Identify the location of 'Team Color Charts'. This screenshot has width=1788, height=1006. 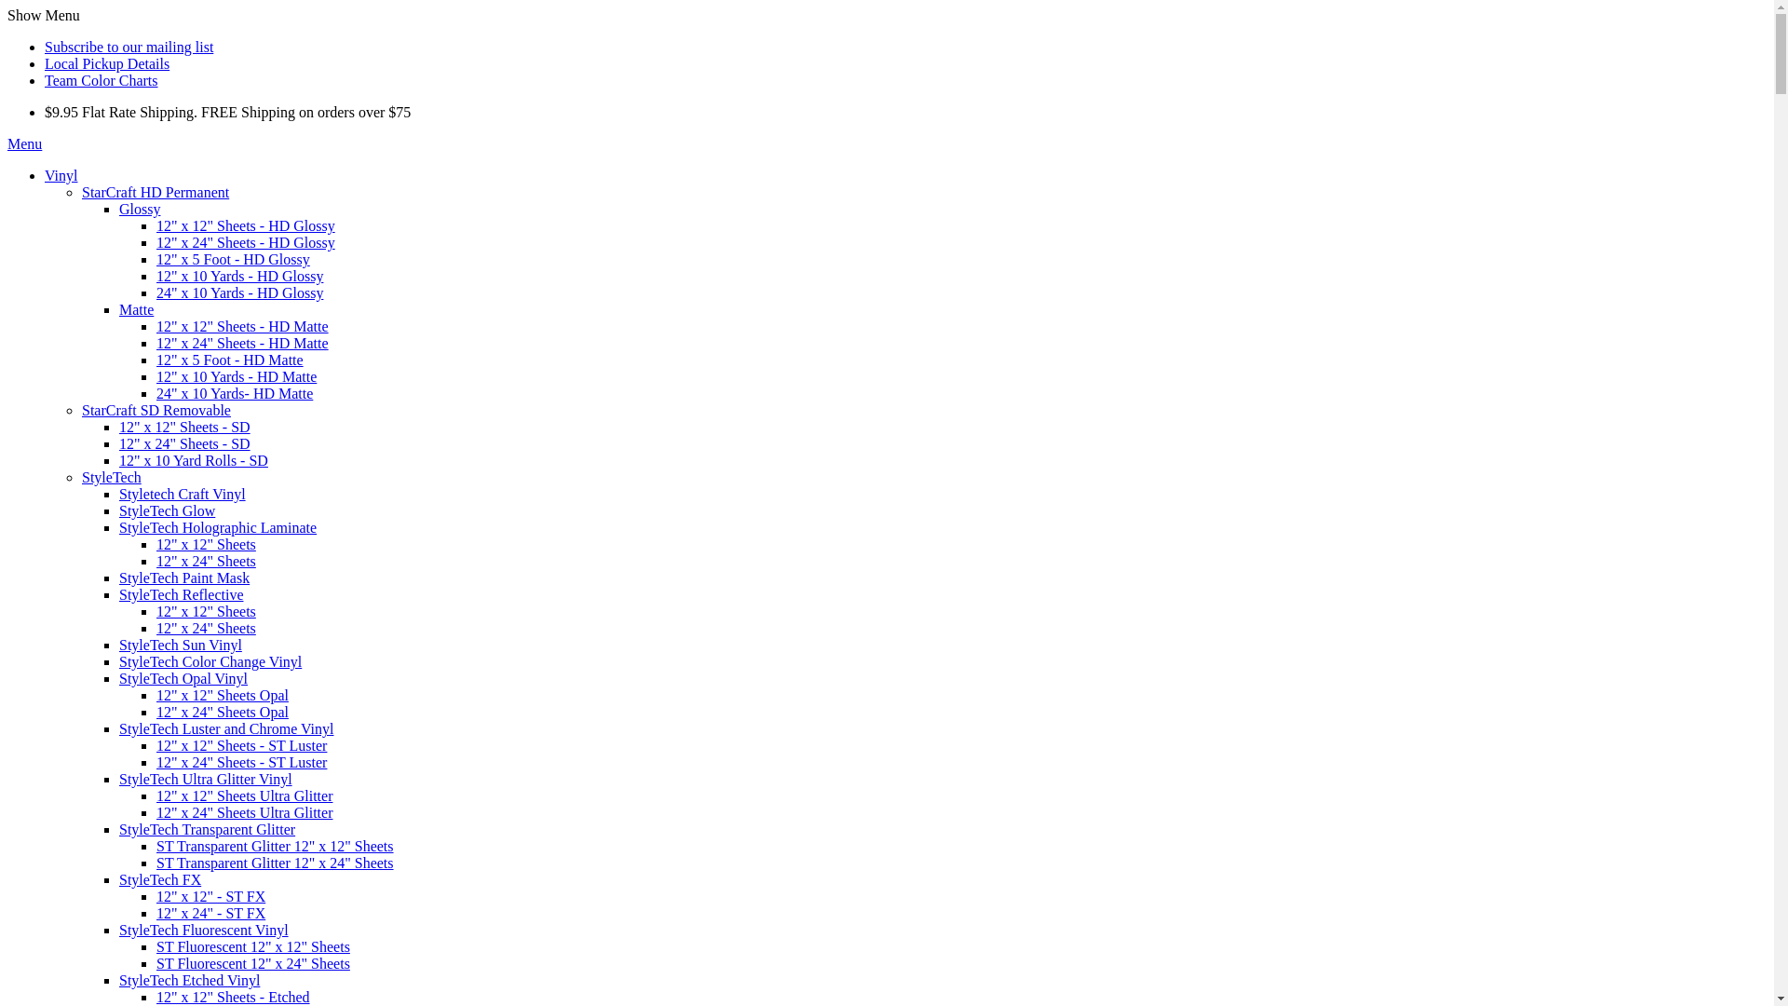
(101, 79).